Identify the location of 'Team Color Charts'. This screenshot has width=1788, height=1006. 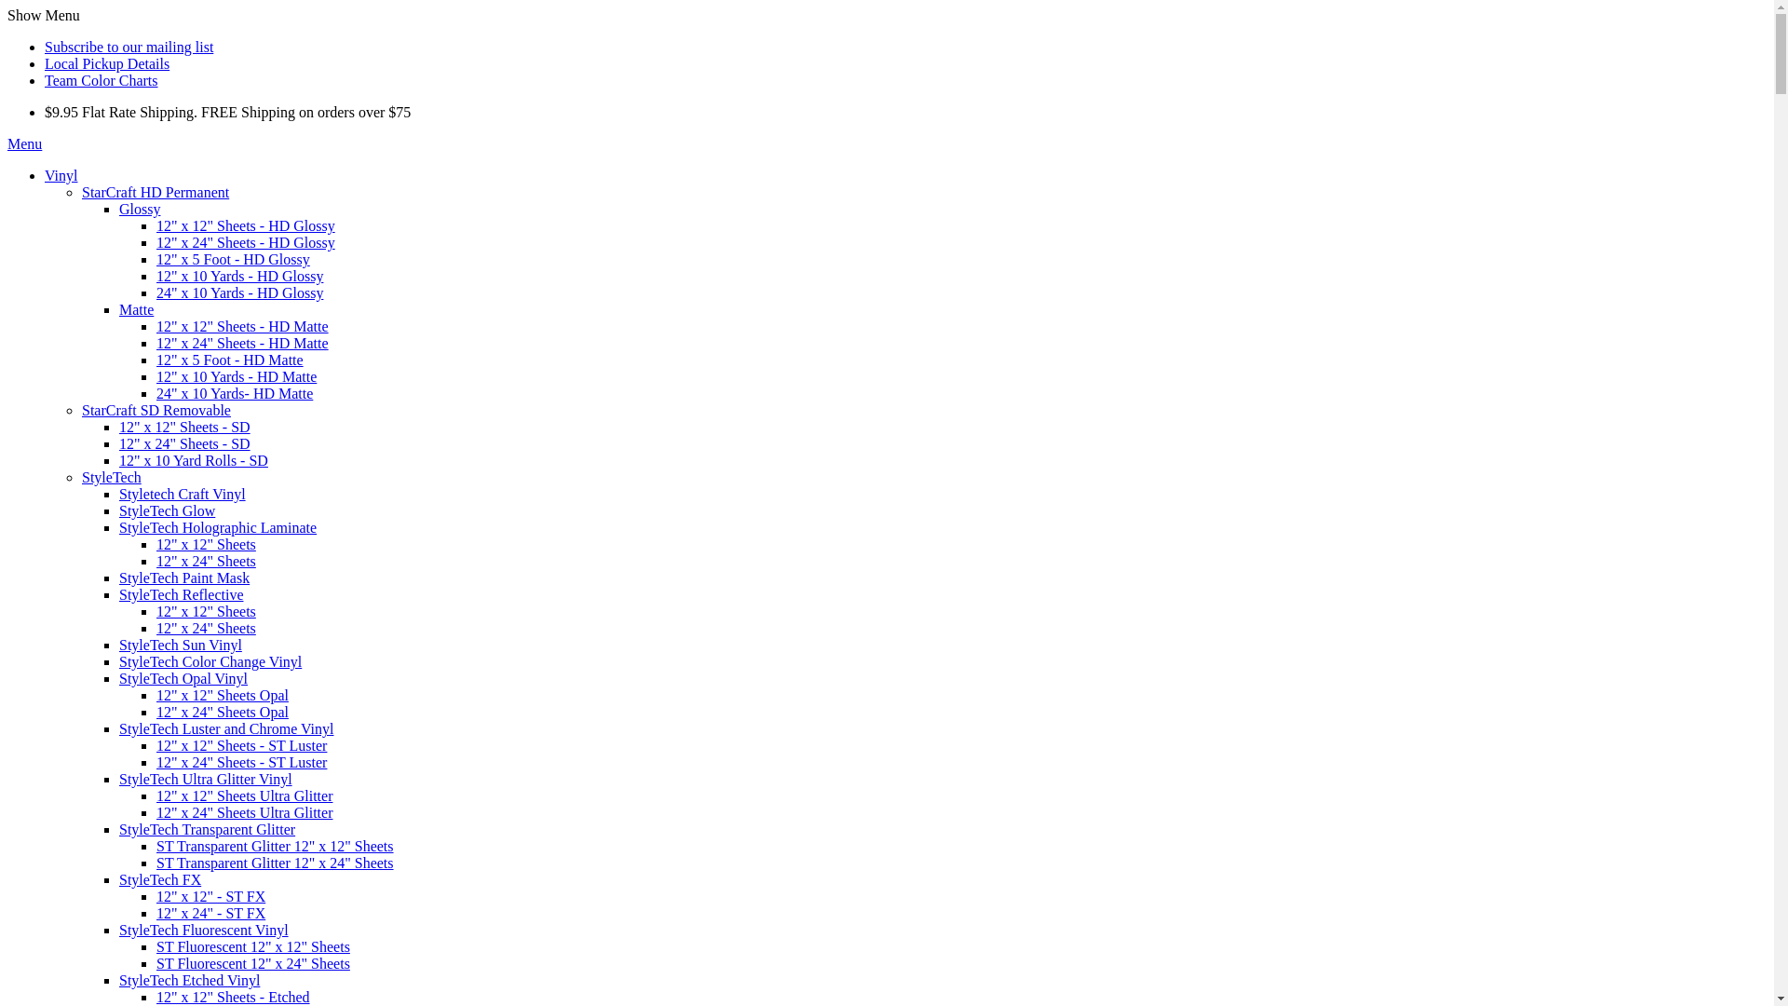
(101, 79).